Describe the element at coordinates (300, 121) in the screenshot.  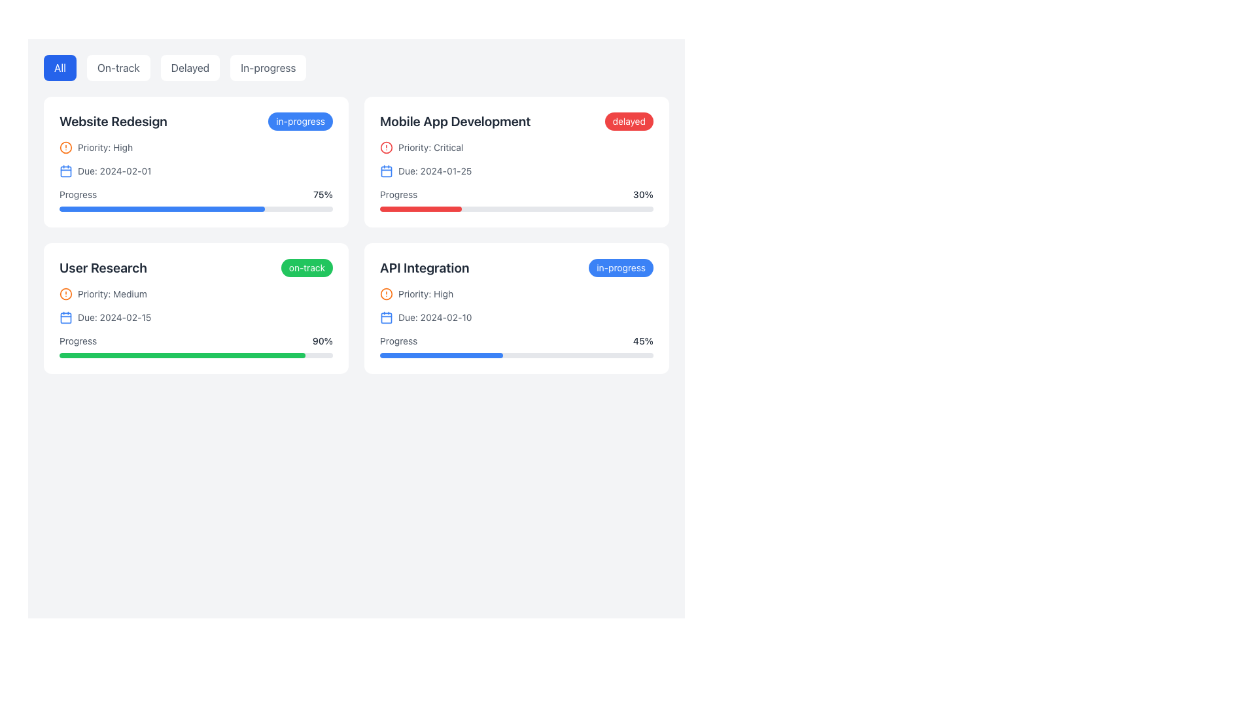
I see `the pill-shaped Status Indicator with a solid blue background and white text reading 'in-progress'` at that location.